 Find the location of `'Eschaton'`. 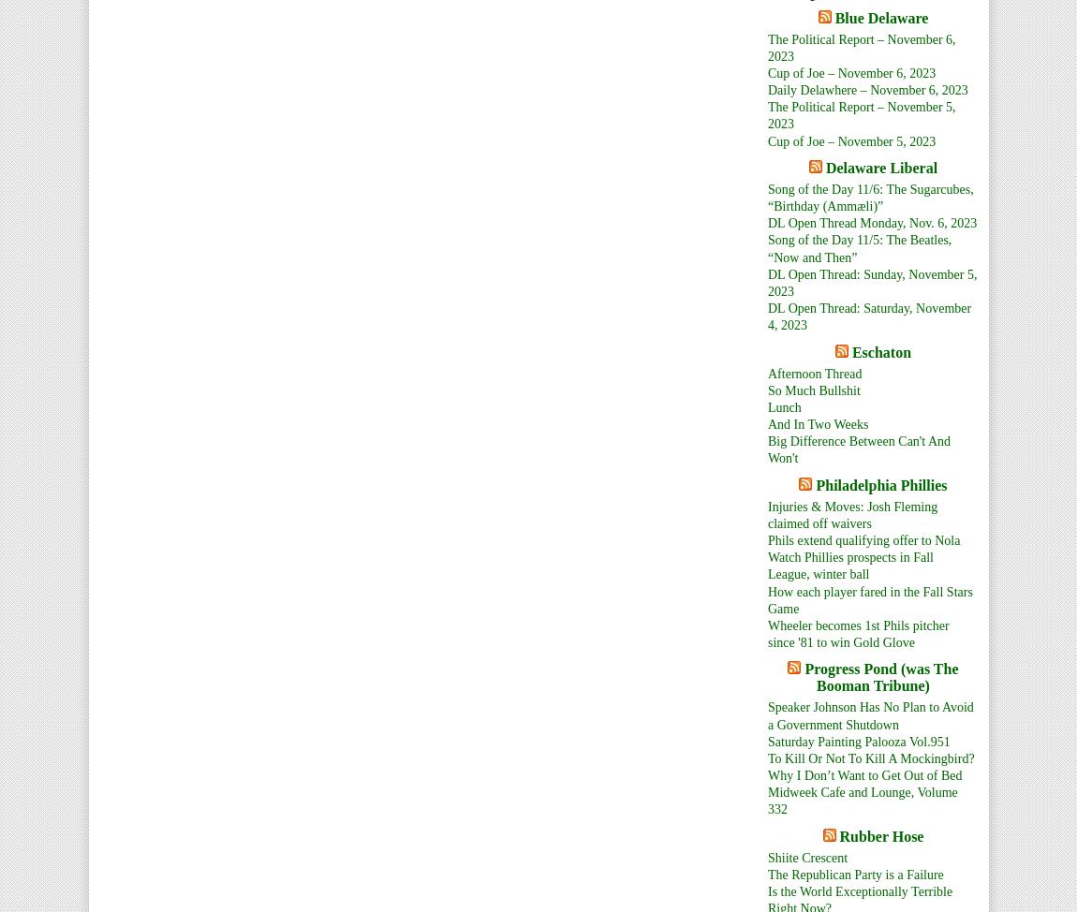

'Eschaton' is located at coordinates (881, 351).